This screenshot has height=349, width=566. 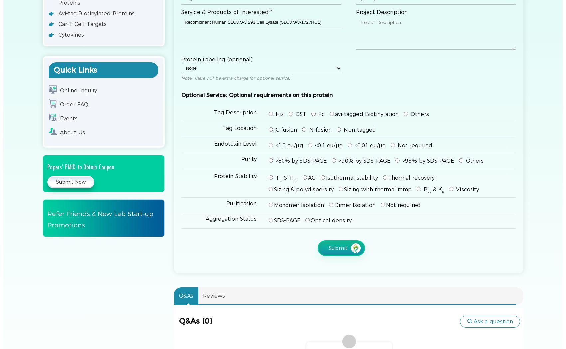 What do you see at coordinates (359, 129) in the screenshot?
I see `'Non-tagged'` at bounding box center [359, 129].